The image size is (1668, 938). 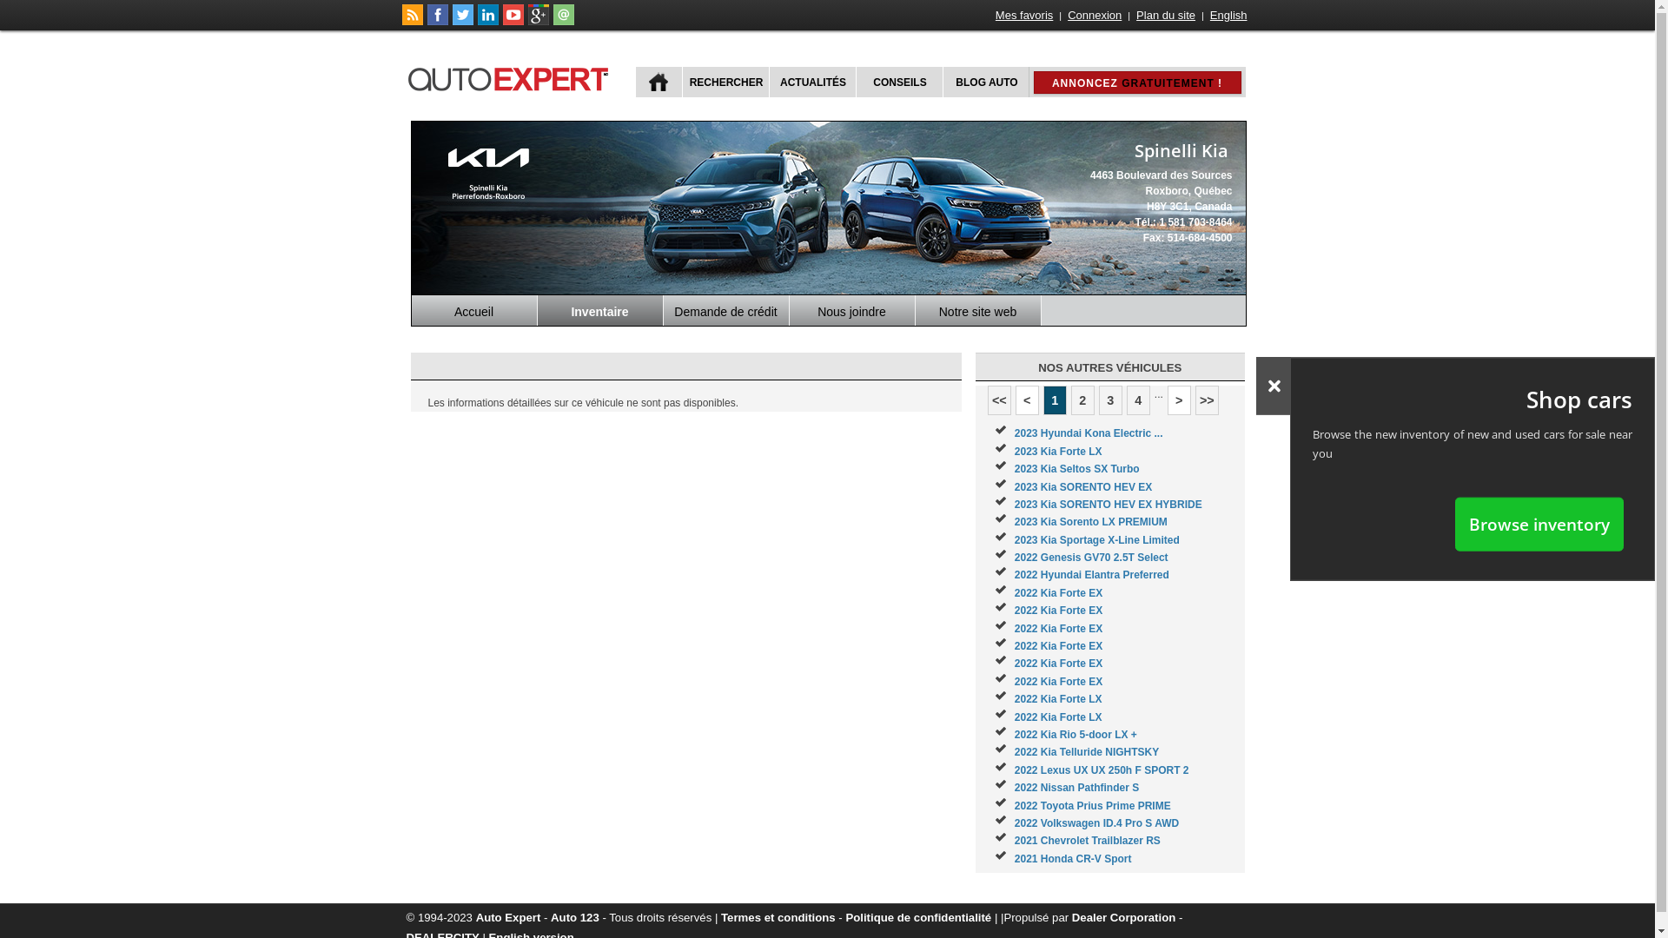 I want to click on 'Suivez autoExpert.ca sur Google Plus', so click(x=537, y=21).